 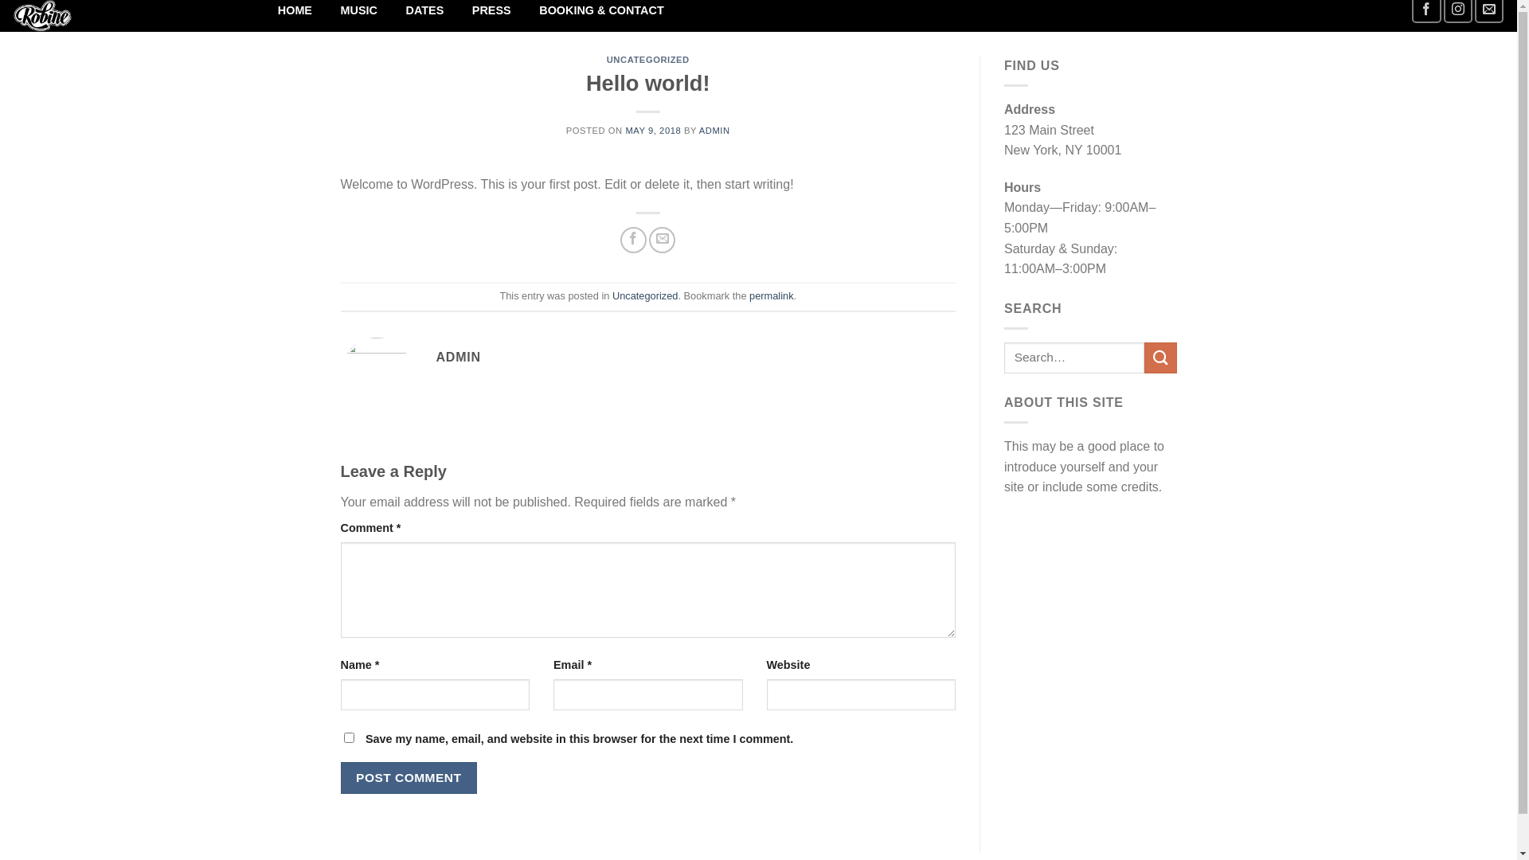 What do you see at coordinates (295, 10) in the screenshot?
I see `'HOME'` at bounding box center [295, 10].